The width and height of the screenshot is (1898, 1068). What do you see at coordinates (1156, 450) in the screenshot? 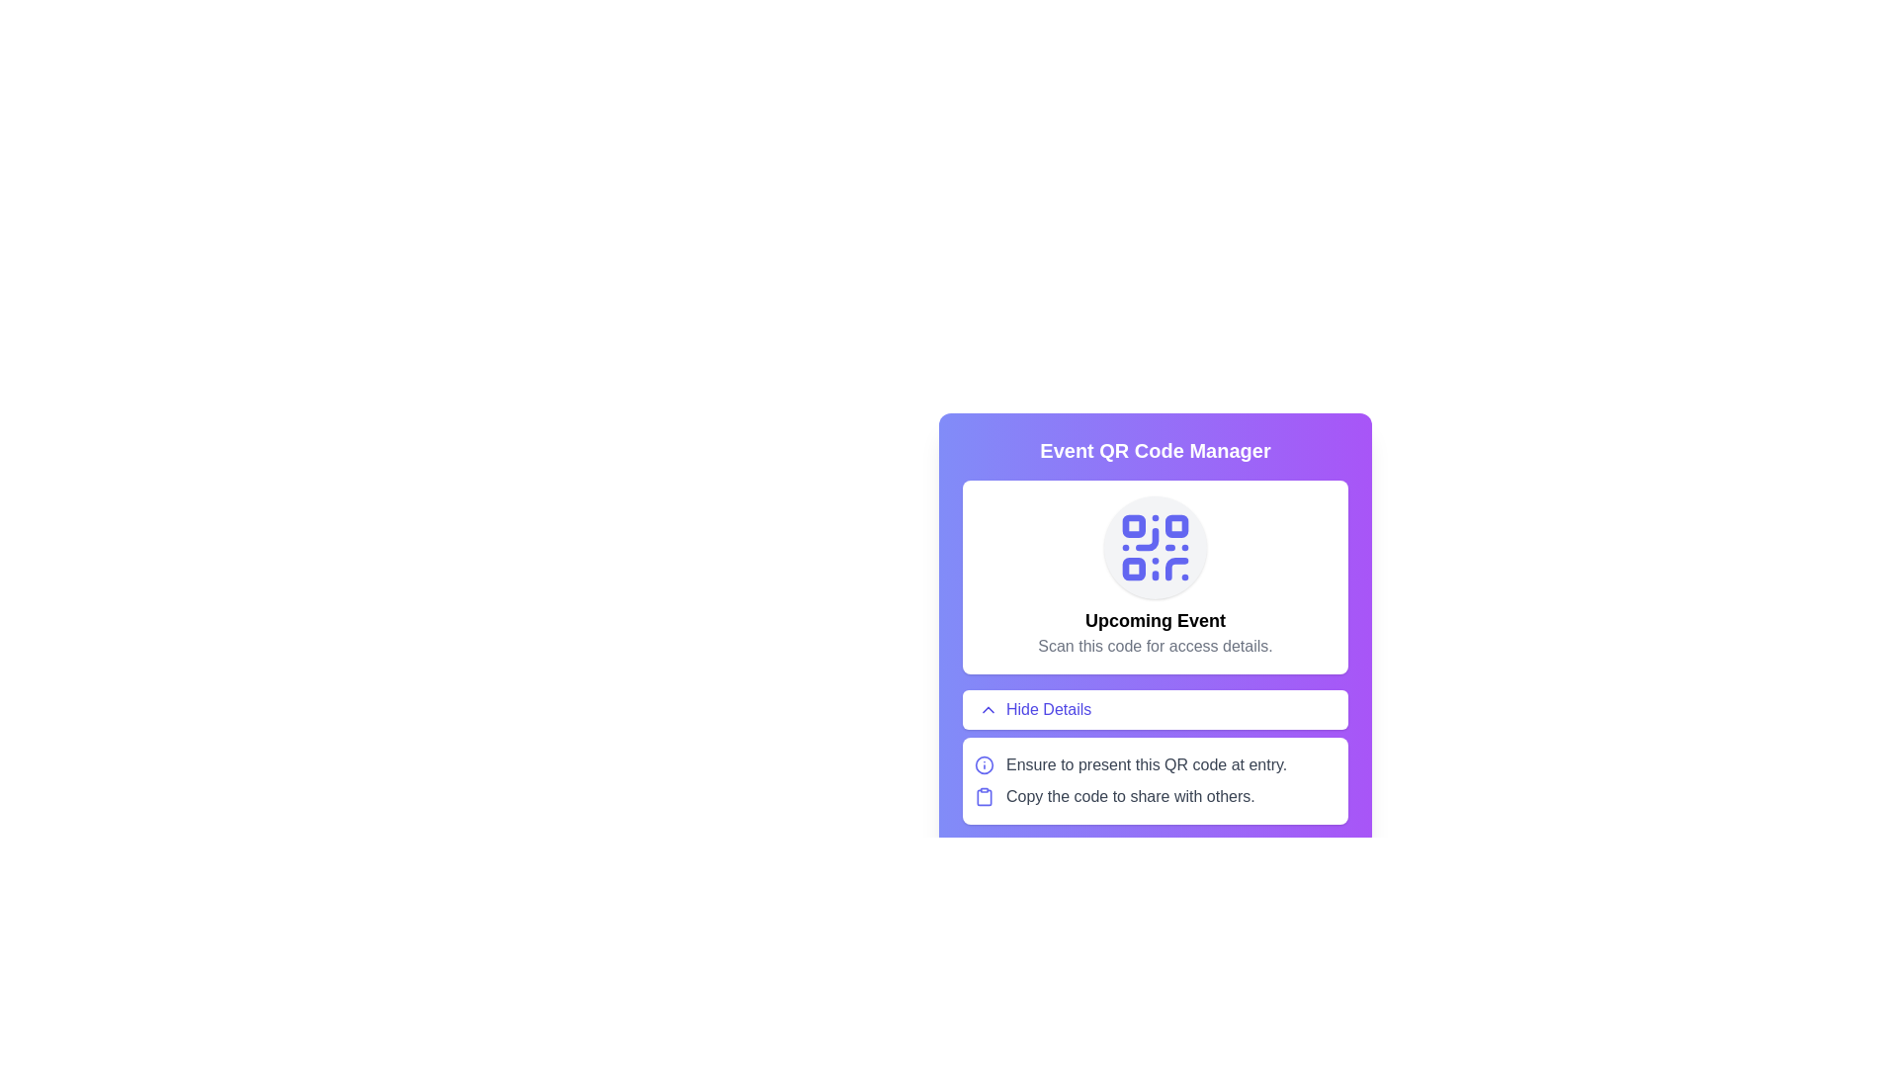
I see `the Text Block titled 'Event QR Code Manager', which is styled in bold, extra-large white font against a purple to blue gradient background` at bounding box center [1156, 450].